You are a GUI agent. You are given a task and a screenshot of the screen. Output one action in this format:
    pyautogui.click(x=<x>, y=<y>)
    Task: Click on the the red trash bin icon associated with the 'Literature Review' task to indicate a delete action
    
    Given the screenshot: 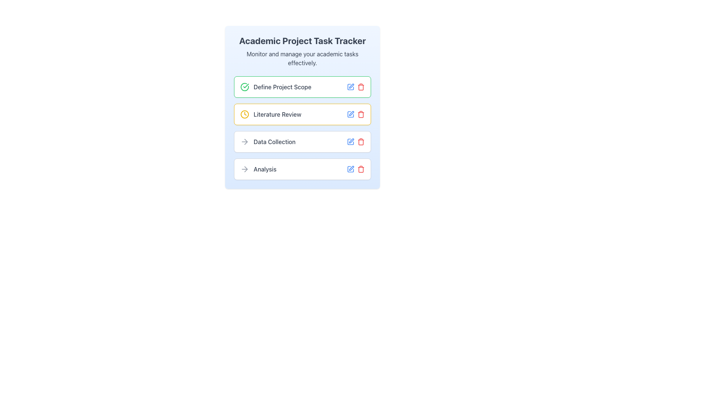 What is the action you would take?
    pyautogui.click(x=361, y=114)
    